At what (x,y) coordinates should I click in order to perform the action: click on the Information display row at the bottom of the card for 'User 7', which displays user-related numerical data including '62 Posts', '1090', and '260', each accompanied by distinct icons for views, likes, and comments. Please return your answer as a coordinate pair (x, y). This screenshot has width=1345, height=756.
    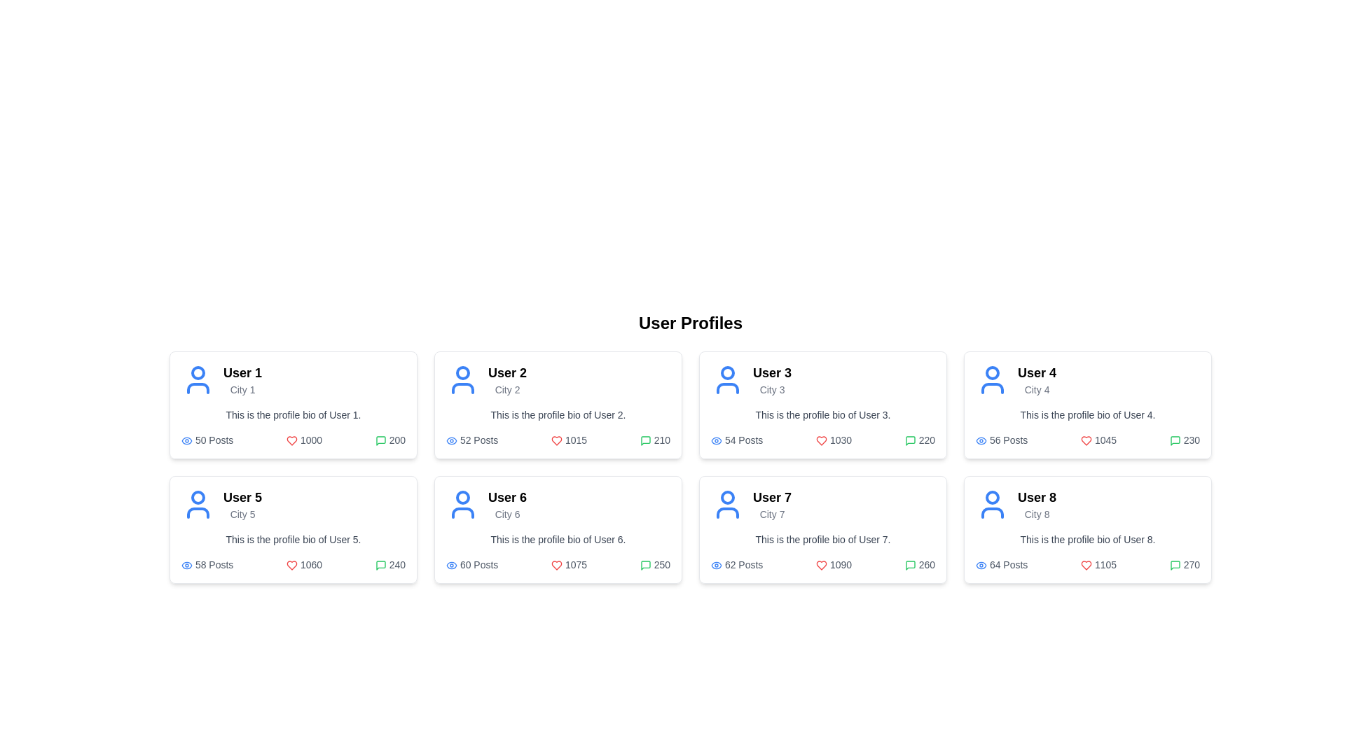
    Looking at the image, I should click on (823, 563).